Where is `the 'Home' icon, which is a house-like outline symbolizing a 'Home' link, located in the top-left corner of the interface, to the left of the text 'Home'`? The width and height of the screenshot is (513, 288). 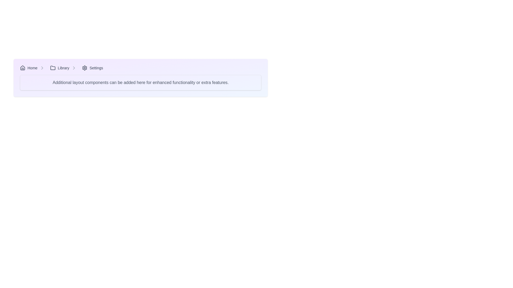
the 'Home' icon, which is a house-like outline symbolizing a 'Home' link, located in the top-left corner of the interface, to the left of the text 'Home' is located at coordinates (22, 67).